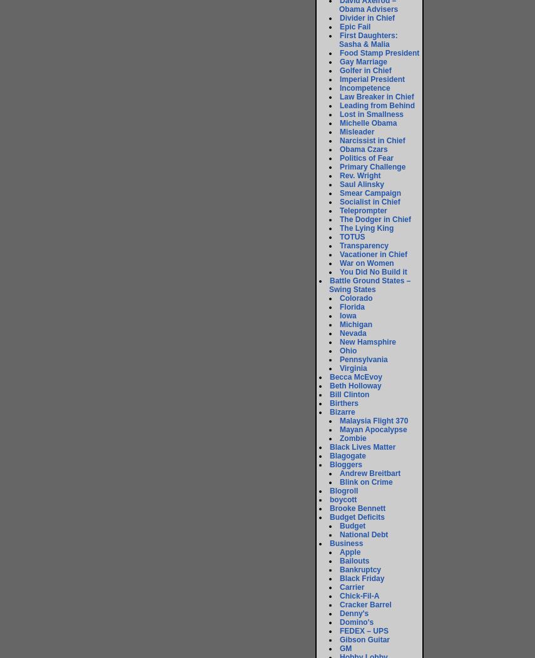 This screenshot has width=535, height=658. What do you see at coordinates (372, 140) in the screenshot?
I see `'Narcissist in Chief'` at bounding box center [372, 140].